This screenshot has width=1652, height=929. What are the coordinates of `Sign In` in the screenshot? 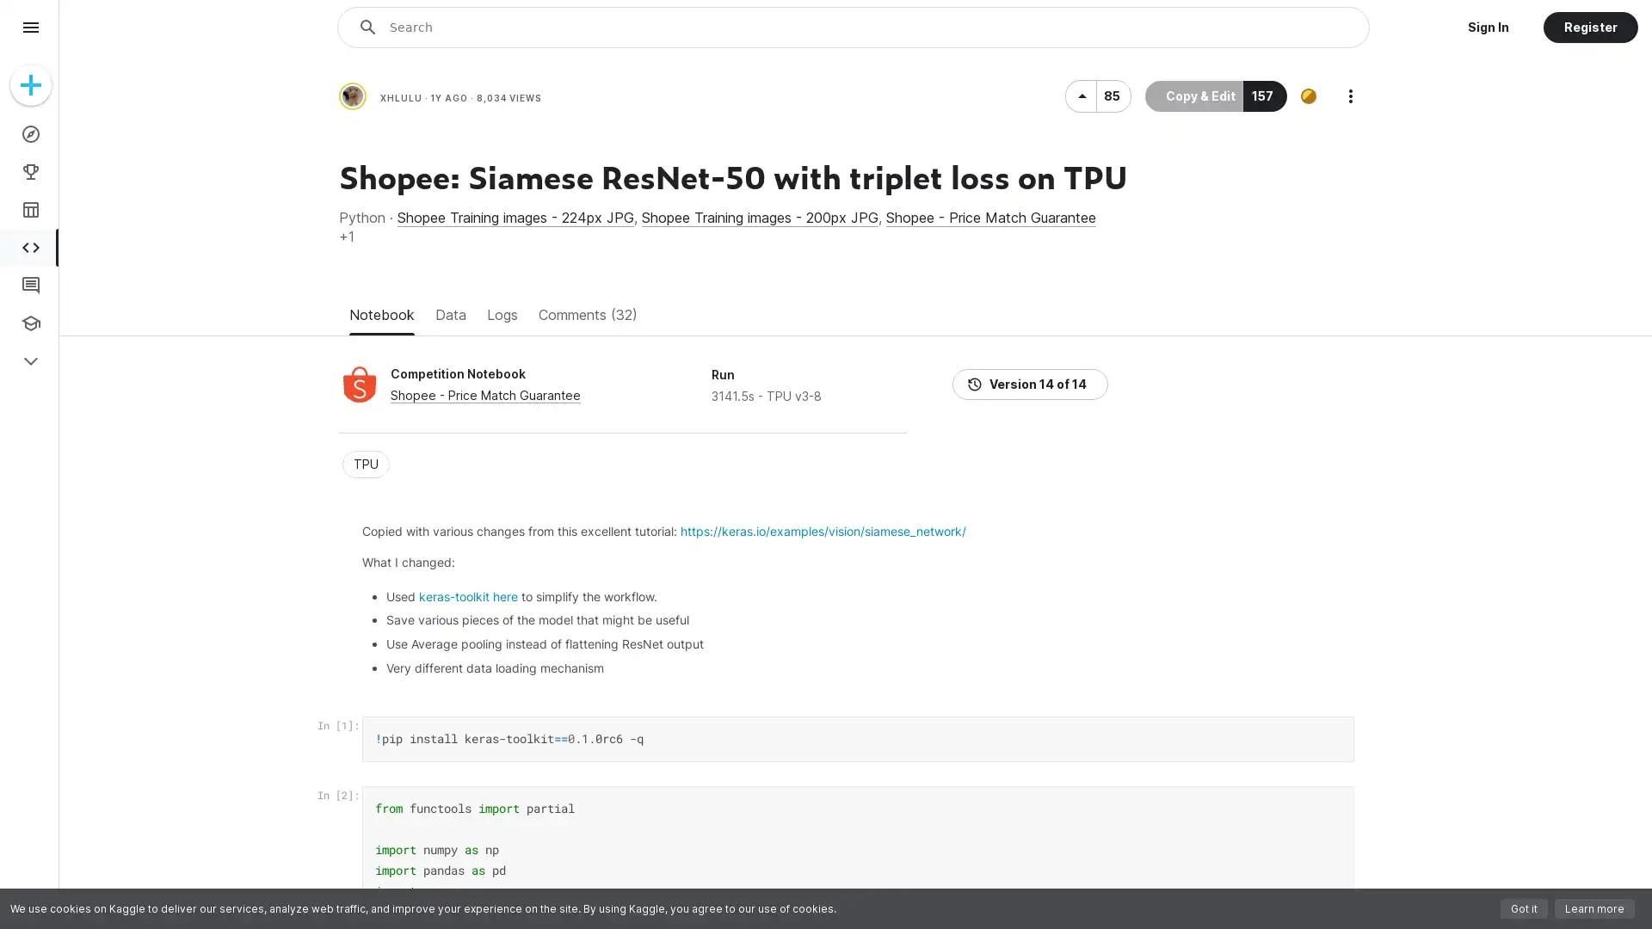 It's located at (1487, 27).